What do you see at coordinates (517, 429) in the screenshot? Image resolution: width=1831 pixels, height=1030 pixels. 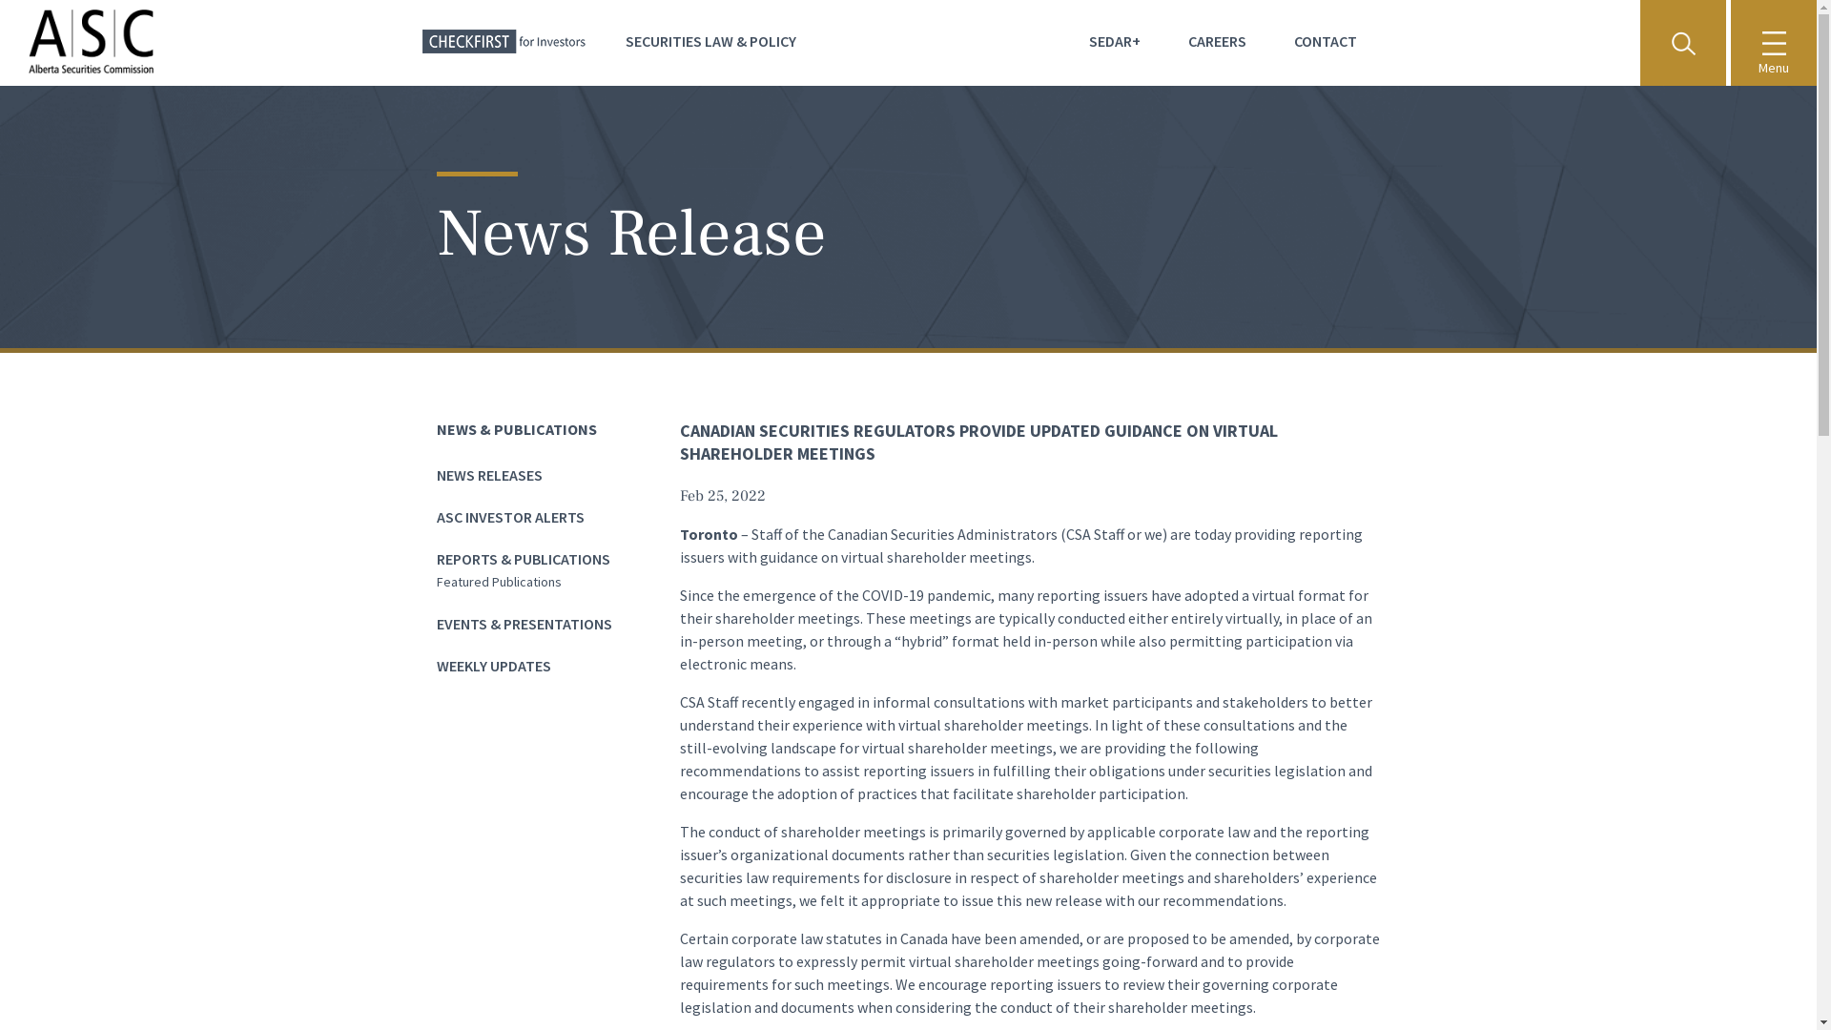 I see `'NEWS & PUBLICATIONS'` at bounding box center [517, 429].